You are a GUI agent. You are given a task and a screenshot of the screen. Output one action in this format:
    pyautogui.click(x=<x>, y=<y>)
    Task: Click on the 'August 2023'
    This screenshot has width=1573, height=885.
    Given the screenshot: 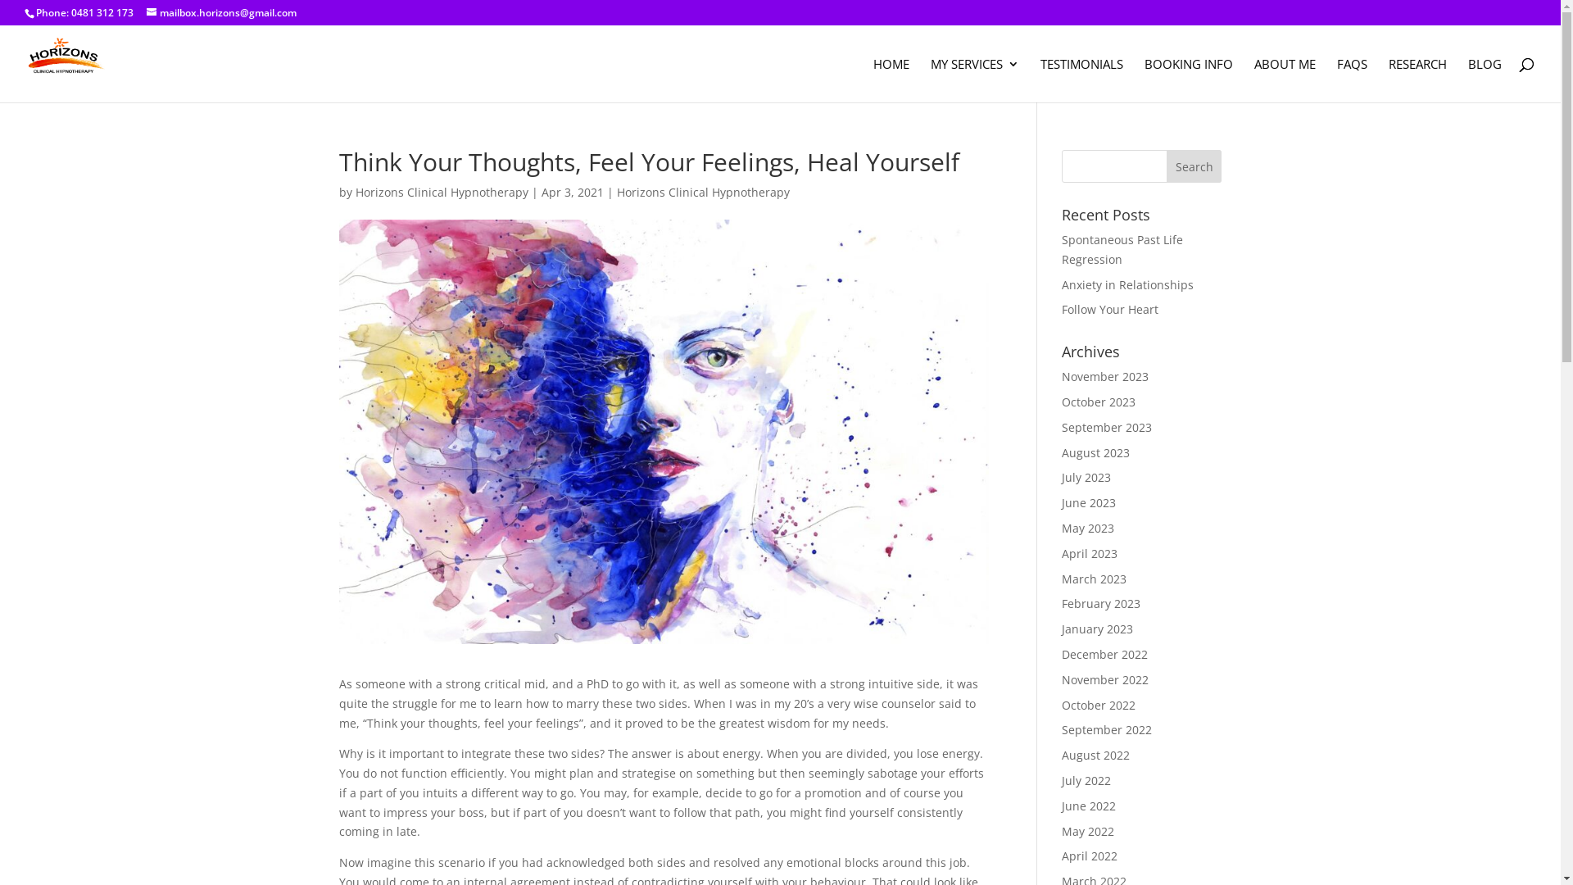 What is the action you would take?
    pyautogui.click(x=1095, y=452)
    